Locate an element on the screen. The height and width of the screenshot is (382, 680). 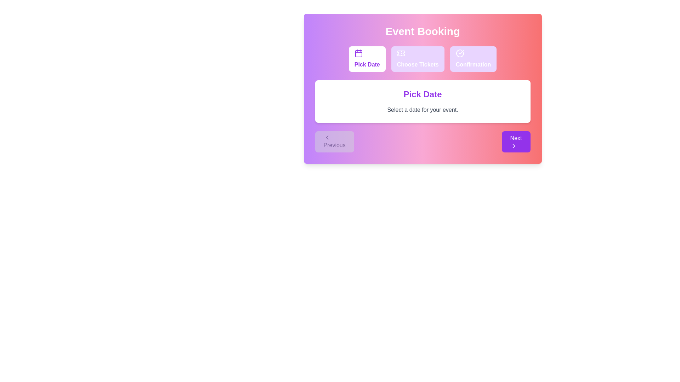
the 'Next' button located at the bottom-right corner of the card-like panel to proceed to the next step in the multi-step process is located at coordinates (516, 142).